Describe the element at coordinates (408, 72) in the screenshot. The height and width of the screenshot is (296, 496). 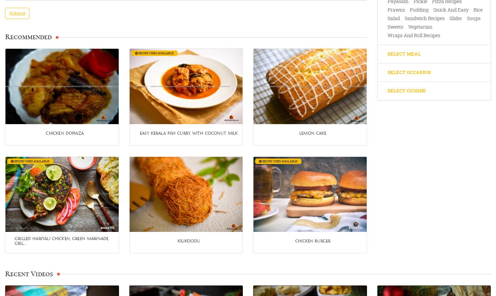
I see `'Select Occasion'` at that location.